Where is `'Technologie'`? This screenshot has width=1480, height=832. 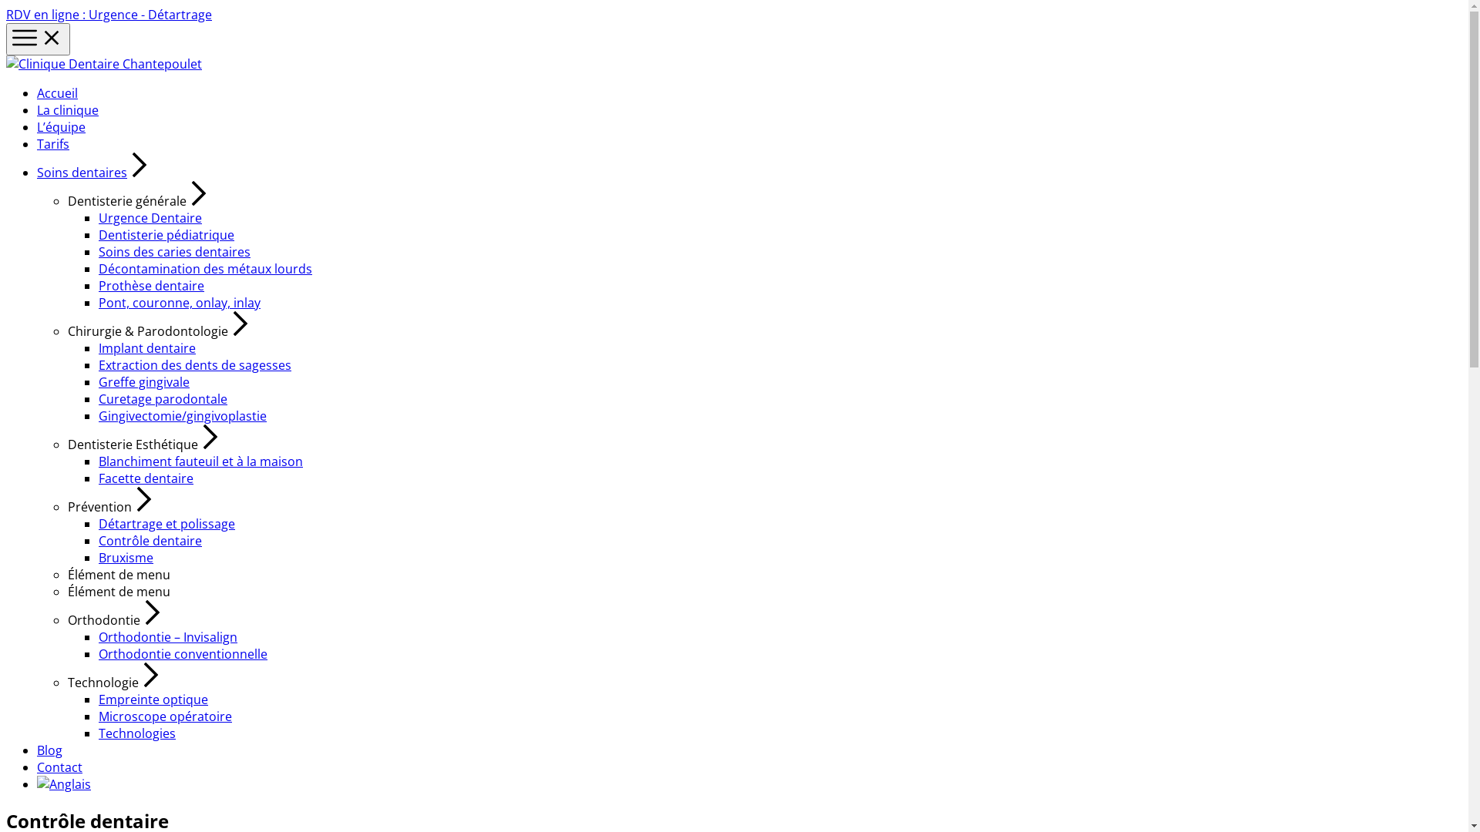 'Technologie' is located at coordinates (114, 682).